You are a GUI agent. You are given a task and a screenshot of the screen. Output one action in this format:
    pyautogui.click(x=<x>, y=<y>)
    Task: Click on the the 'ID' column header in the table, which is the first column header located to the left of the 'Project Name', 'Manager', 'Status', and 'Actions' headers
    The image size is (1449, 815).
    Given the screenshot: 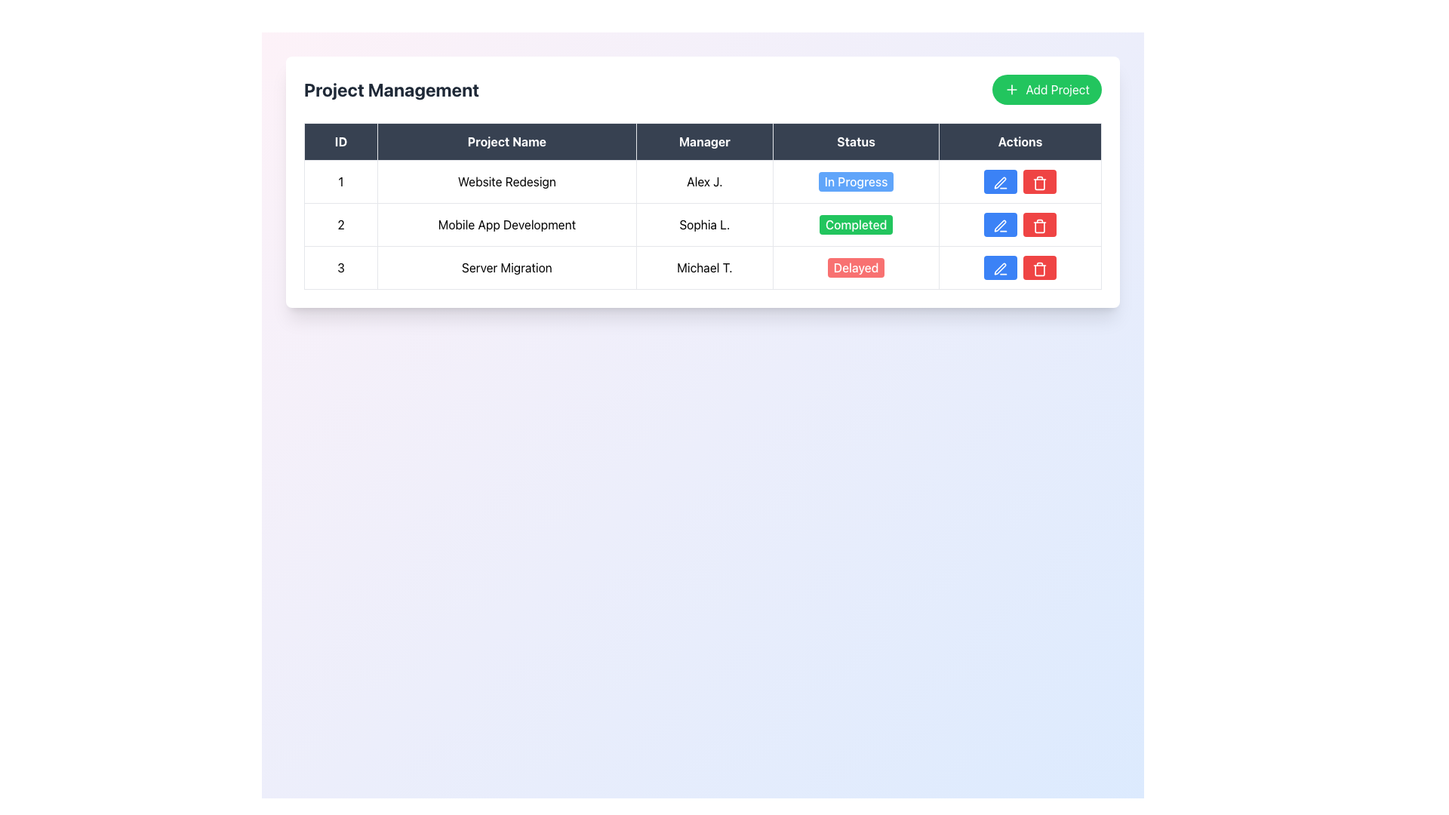 What is the action you would take?
    pyautogui.click(x=340, y=142)
    